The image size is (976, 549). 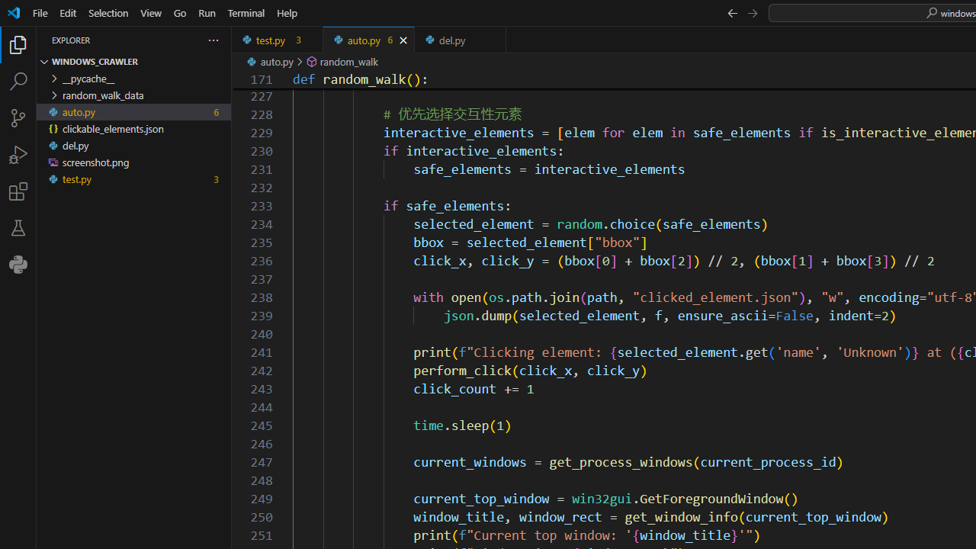 What do you see at coordinates (246, 12) in the screenshot?
I see `'Terminal'` at bounding box center [246, 12].